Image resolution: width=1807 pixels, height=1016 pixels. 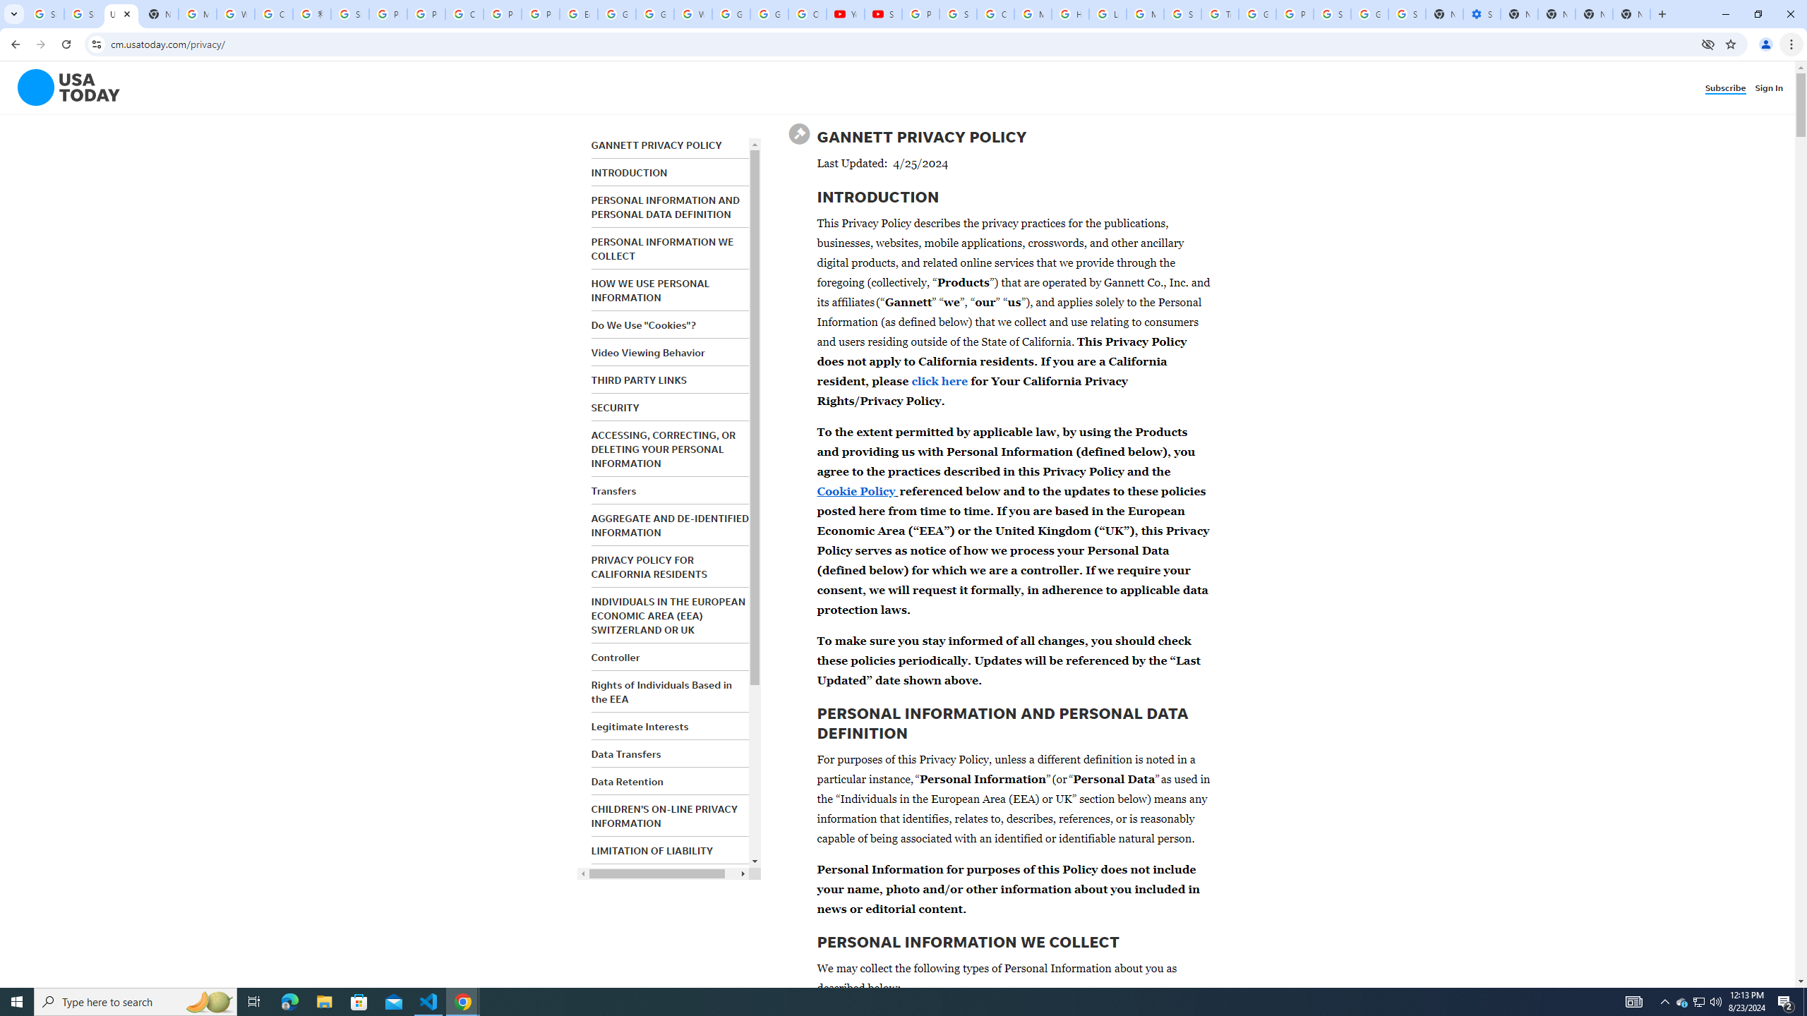 I want to click on 'Rights of Individuals Based in the EEA', so click(x=660, y=691).